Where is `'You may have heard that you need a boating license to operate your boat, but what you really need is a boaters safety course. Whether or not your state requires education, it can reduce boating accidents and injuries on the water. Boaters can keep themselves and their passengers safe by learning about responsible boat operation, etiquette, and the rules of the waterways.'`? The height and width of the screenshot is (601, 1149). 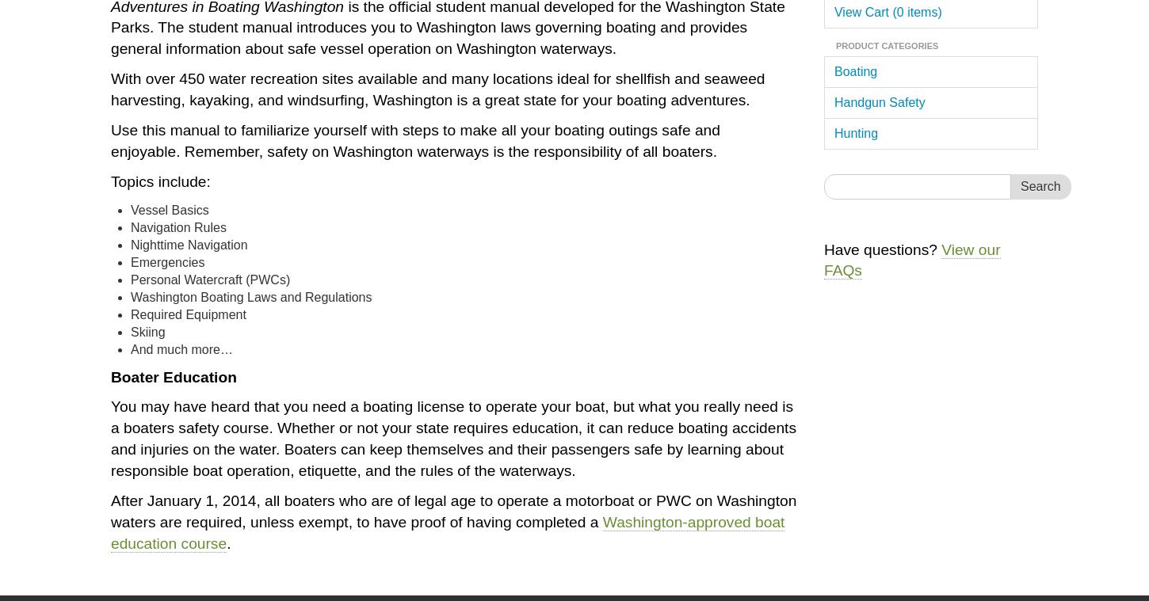
'You may have heard that you need a boating license to operate your boat, but what you really need is a boaters safety course. Whether or not your state requires education, it can reduce boating accidents and injuries on the water. Boaters can keep themselves and their passengers safe by learning about responsible boat operation, etiquette, and the rules of the waterways.' is located at coordinates (453, 437).